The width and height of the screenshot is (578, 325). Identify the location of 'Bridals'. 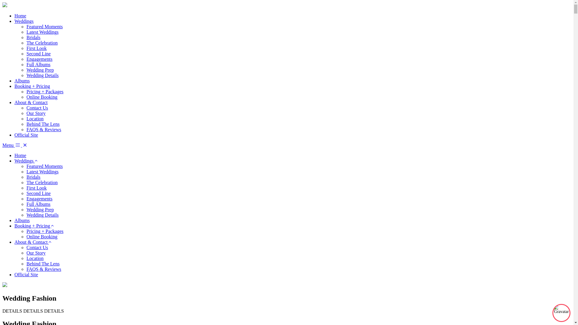
(33, 177).